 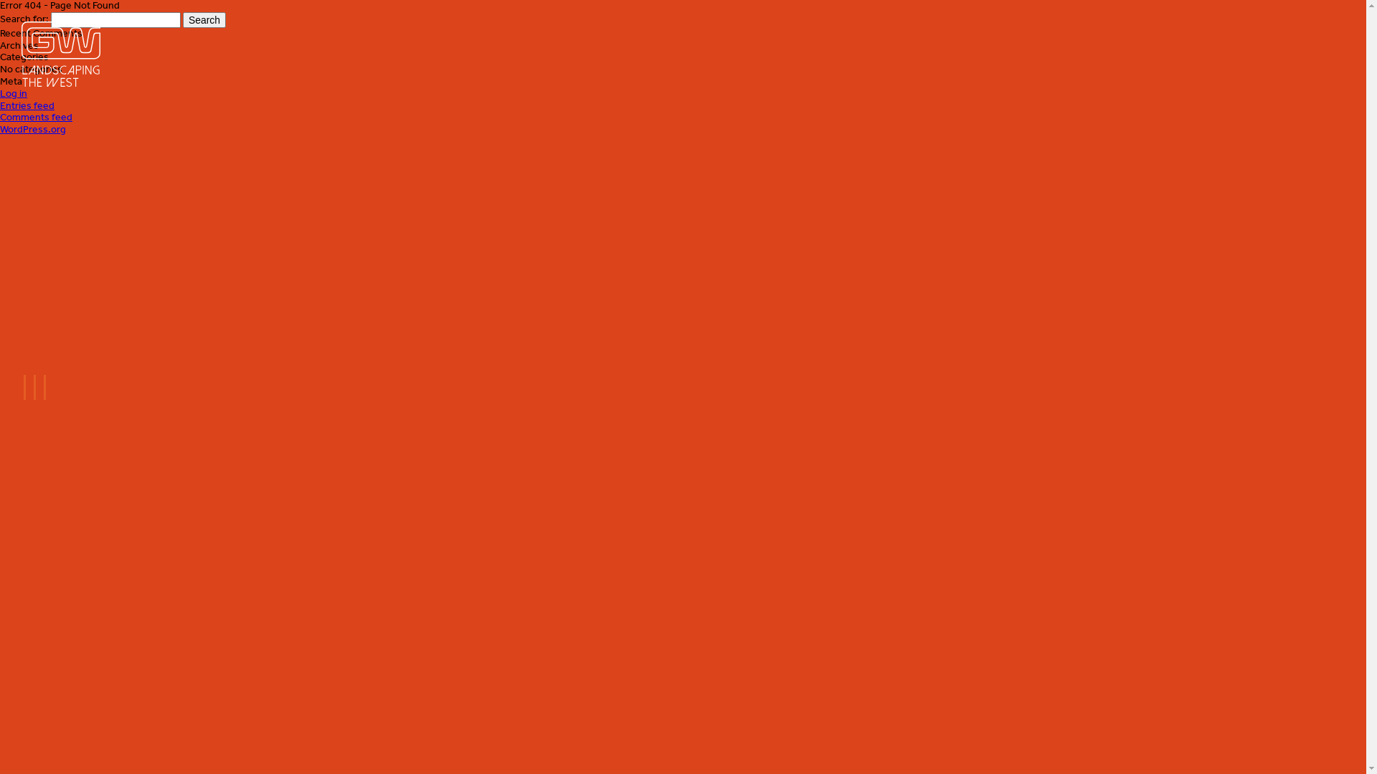 I want to click on 'Entries feed', so click(x=27, y=105).